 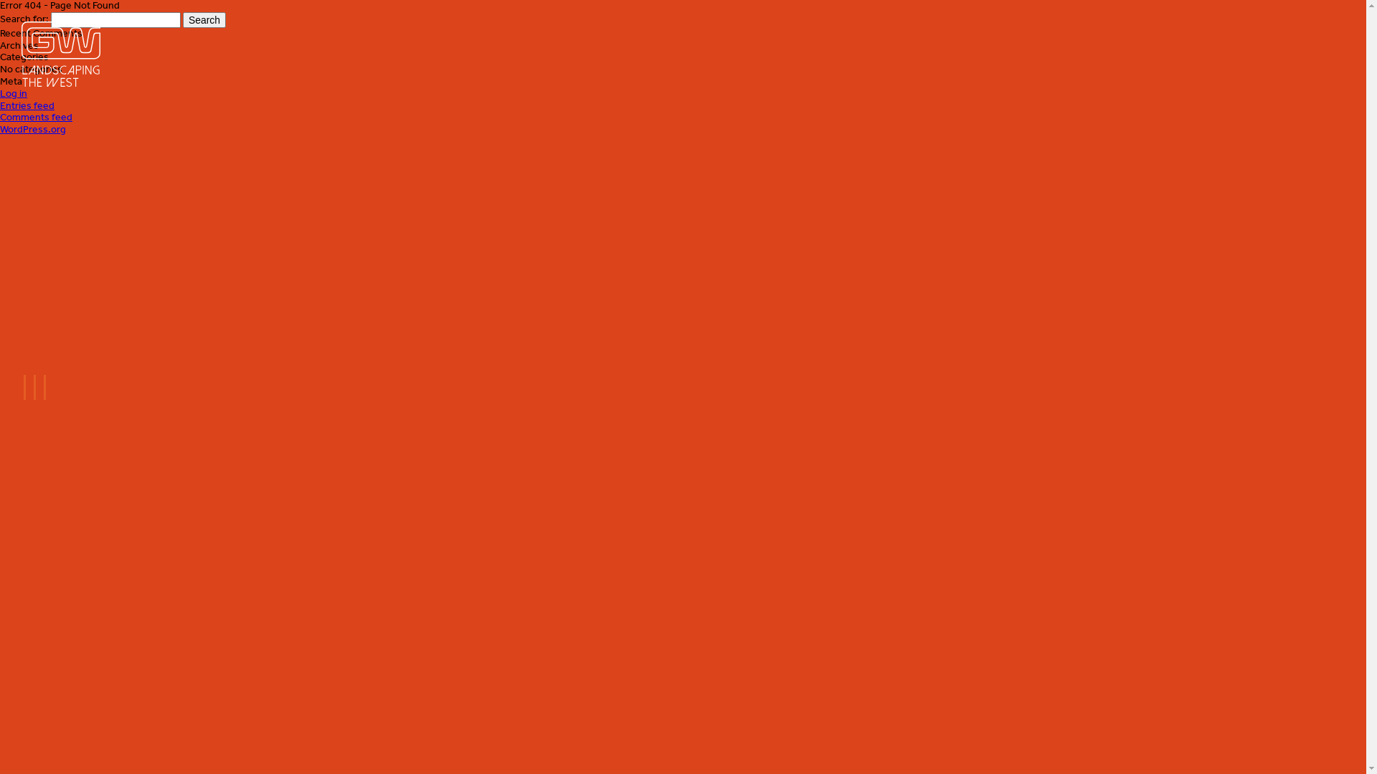 I want to click on 'Entries feed', so click(x=27, y=105).